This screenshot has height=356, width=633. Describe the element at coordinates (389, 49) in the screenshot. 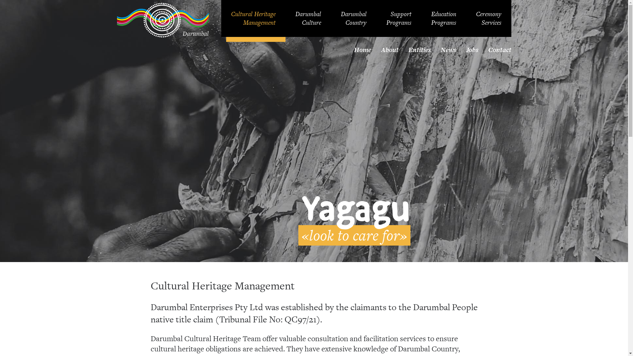

I see `'About'` at that location.